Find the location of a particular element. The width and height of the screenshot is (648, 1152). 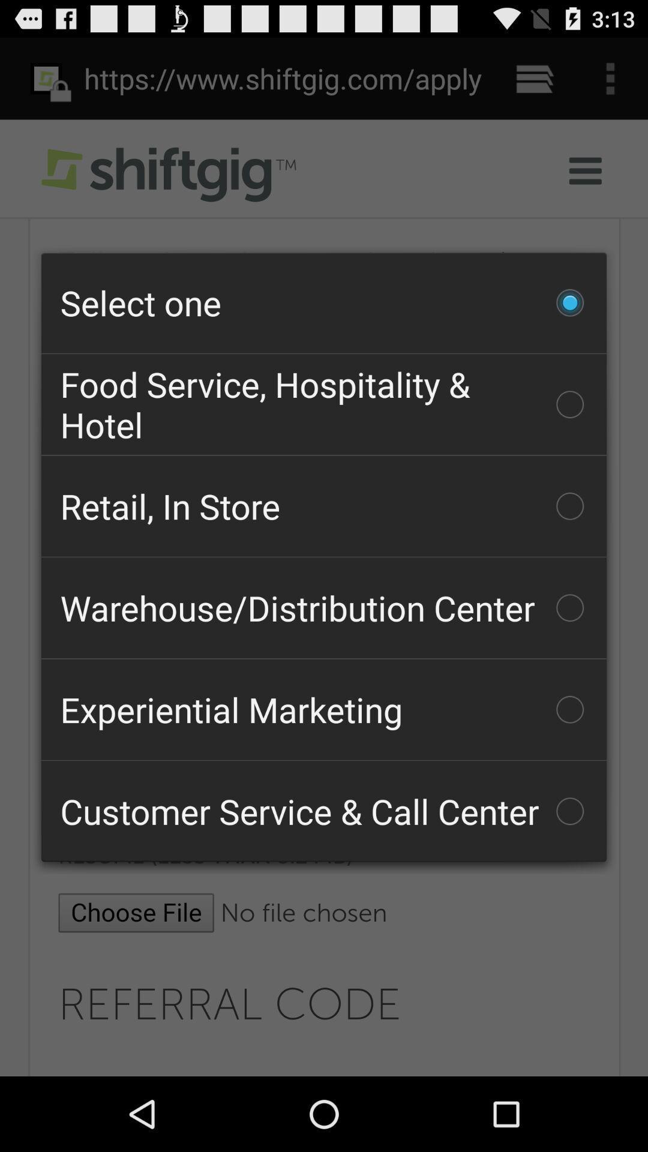

the icon below the retail, in store checkbox is located at coordinates (324, 608).